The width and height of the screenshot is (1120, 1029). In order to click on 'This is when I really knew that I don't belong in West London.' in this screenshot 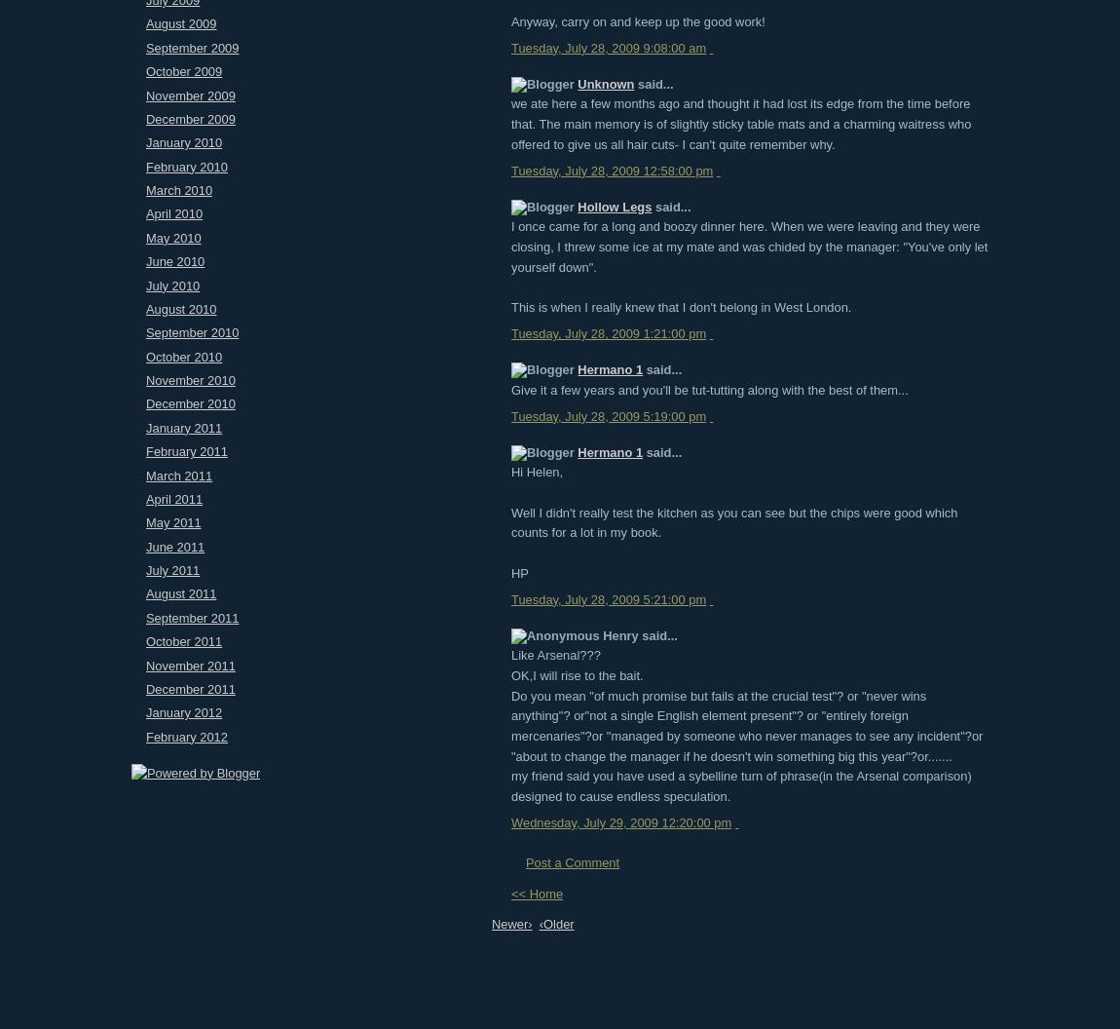, I will do `click(680, 307)`.